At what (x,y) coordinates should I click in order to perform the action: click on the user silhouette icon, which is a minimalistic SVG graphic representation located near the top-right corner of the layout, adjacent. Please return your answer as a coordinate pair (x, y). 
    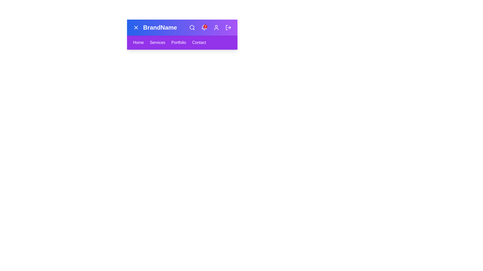
    Looking at the image, I should click on (216, 28).